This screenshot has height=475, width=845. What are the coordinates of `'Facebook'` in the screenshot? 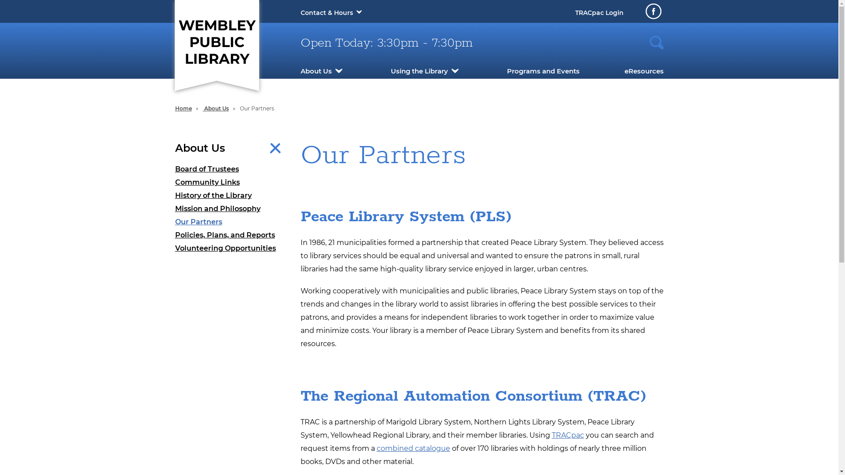 It's located at (653, 11).